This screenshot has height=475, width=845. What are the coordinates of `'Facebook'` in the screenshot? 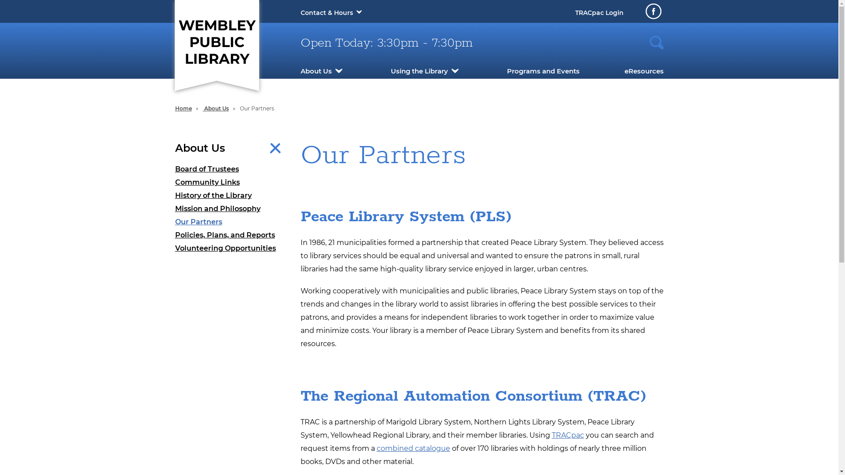 It's located at (653, 11).